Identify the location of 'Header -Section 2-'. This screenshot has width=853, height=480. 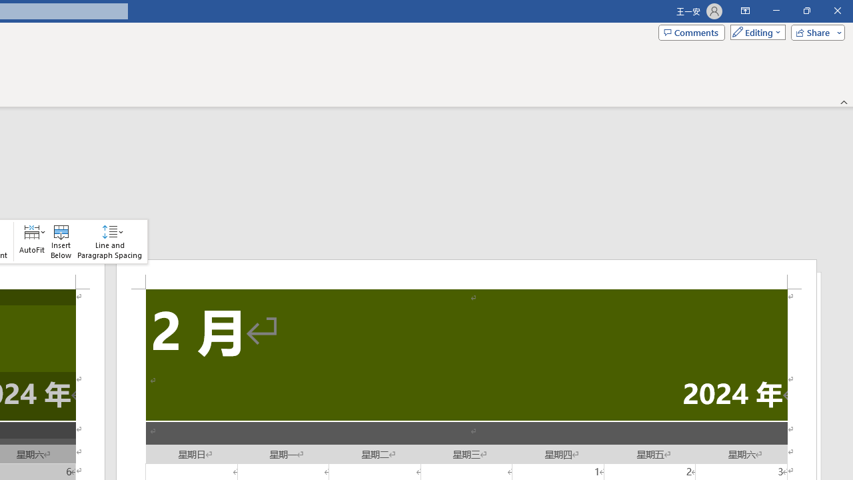
(466, 273).